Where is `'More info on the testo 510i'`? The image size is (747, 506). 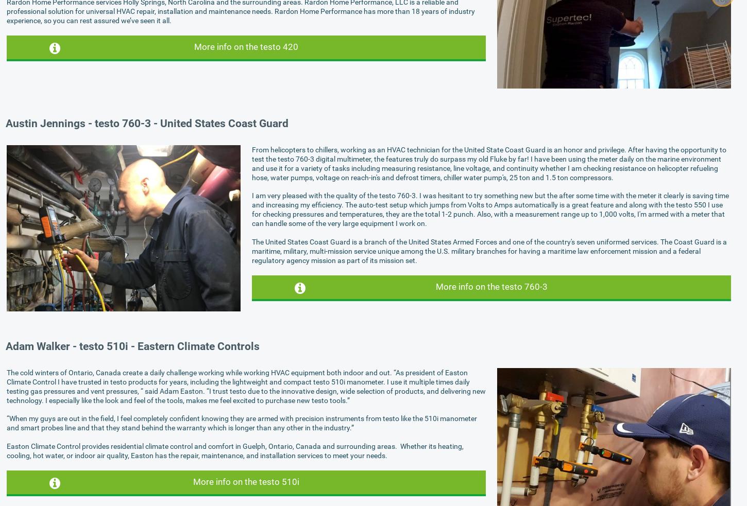
'More info on the testo 510i' is located at coordinates (192, 481).